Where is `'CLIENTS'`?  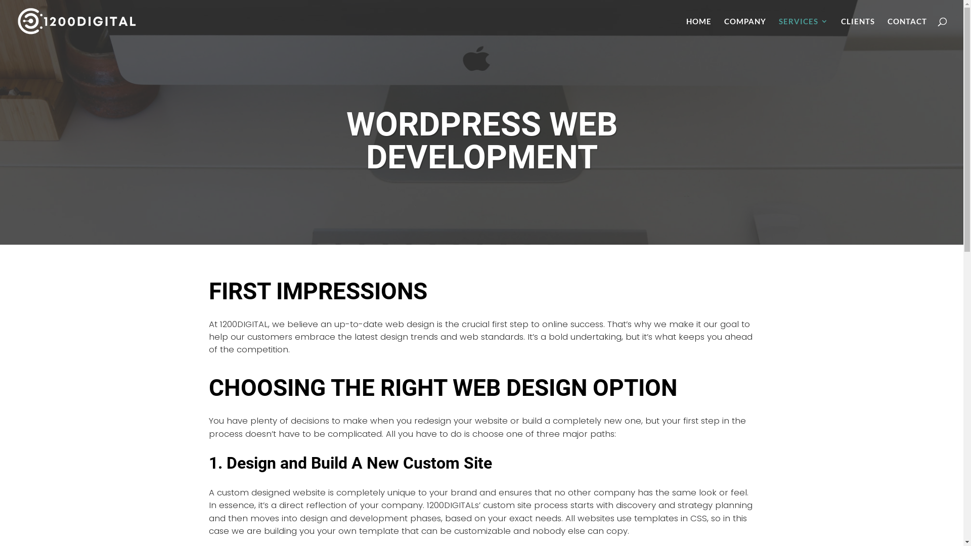
'CLIENTS' is located at coordinates (857, 29).